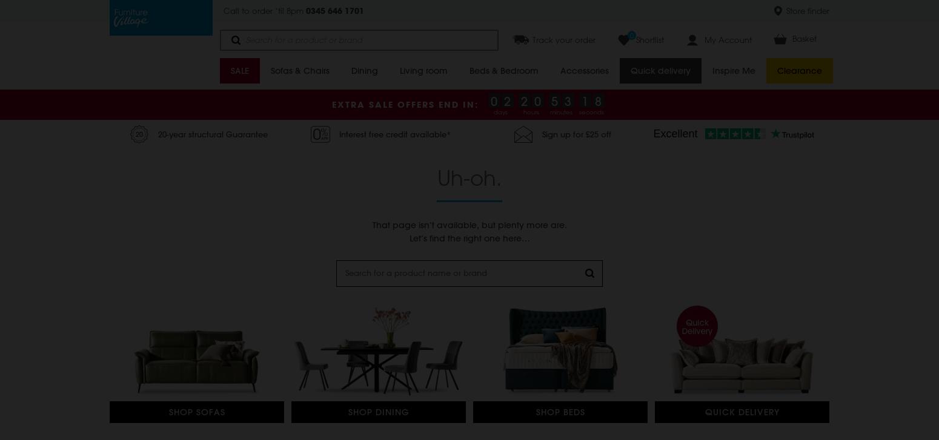 This screenshot has width=939, height=440. Describe the element at coordinates (728, 39) in the screenshot. I see `'My Account'` at that location.